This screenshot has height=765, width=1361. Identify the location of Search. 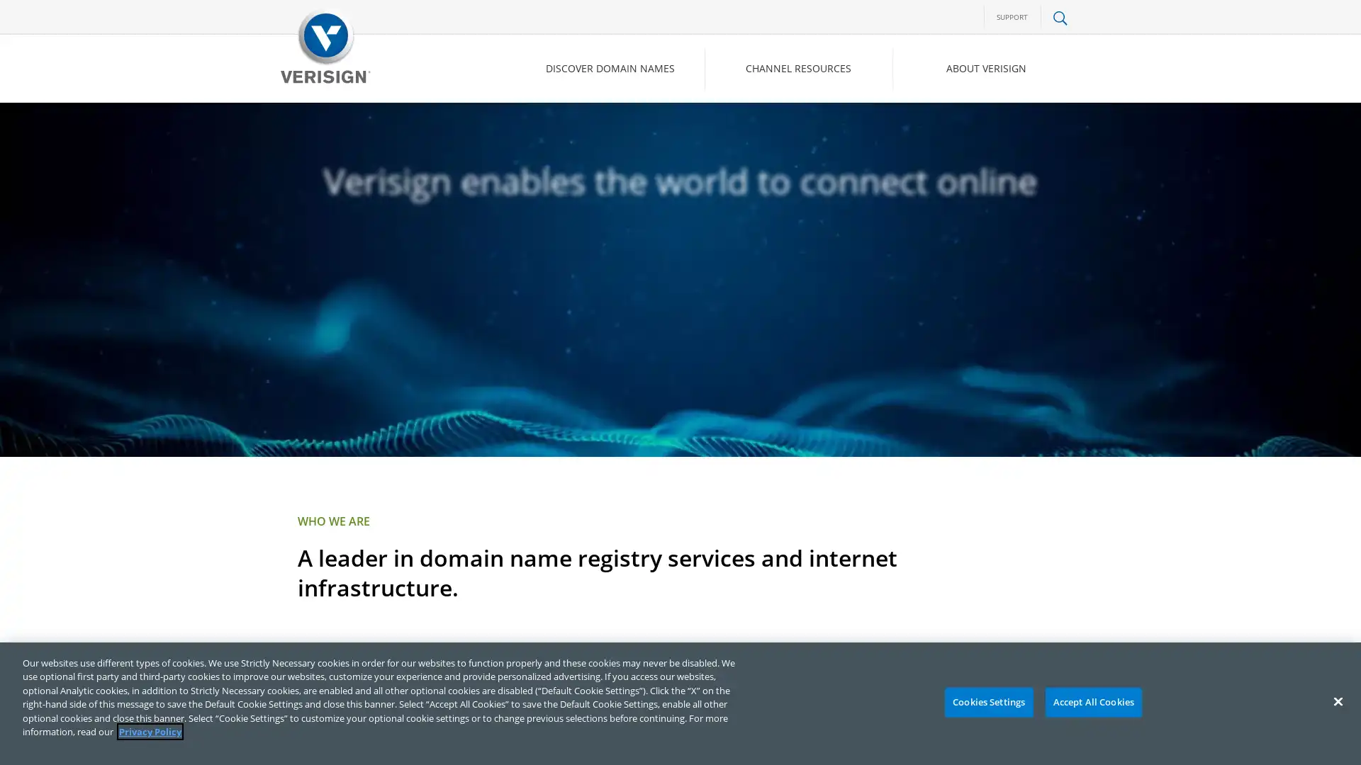
(946, 128).